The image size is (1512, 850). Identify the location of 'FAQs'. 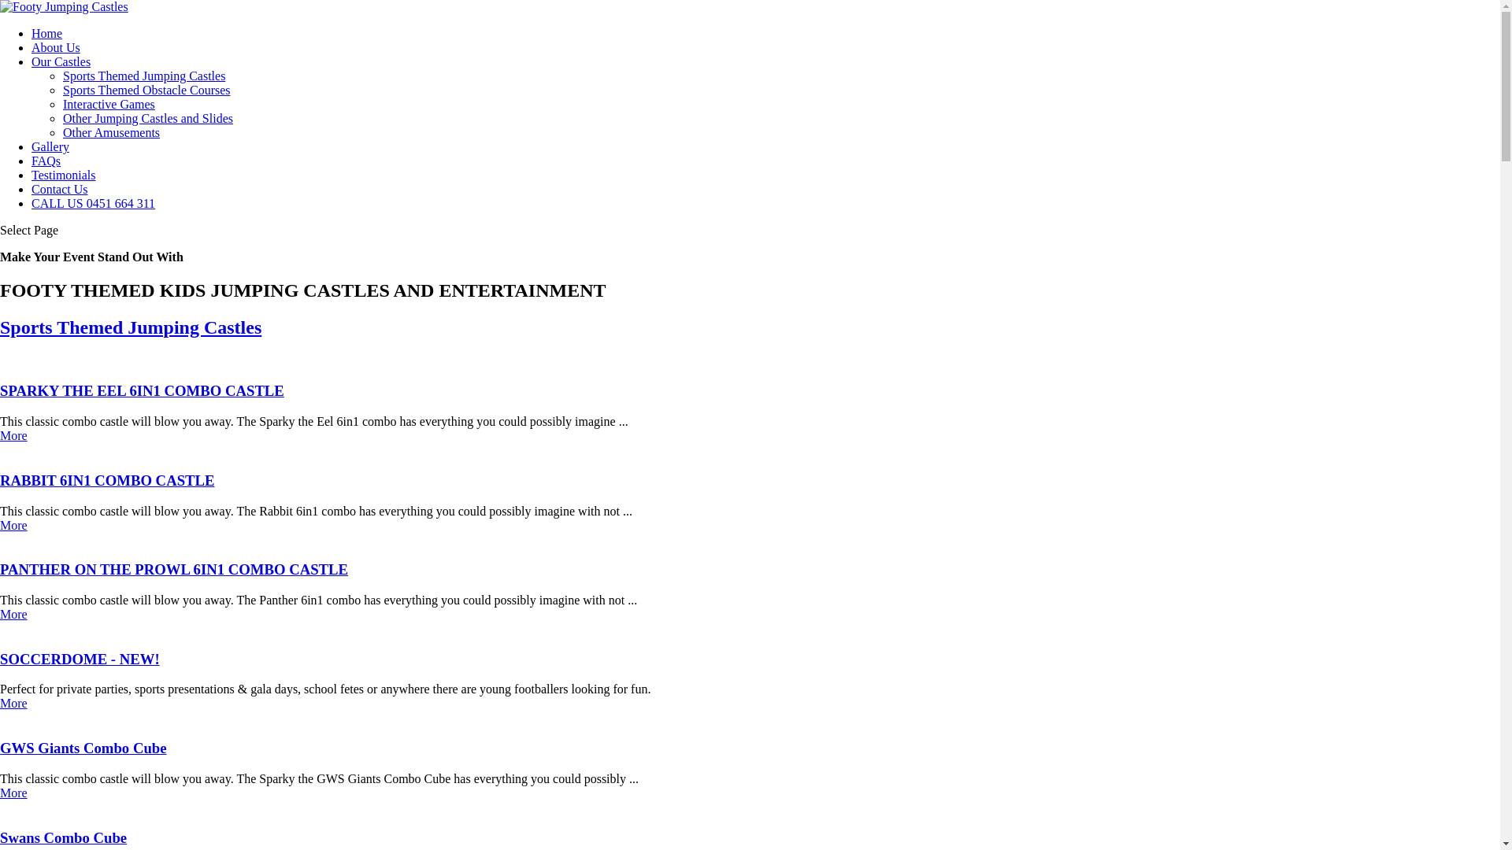
(46, 161).